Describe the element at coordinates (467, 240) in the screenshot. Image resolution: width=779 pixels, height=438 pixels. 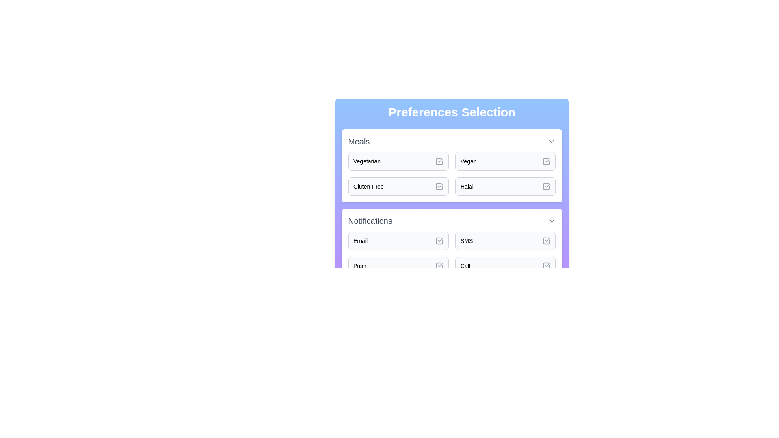
I see `the 'SMS' text label located in the Notifications section of the preferences form, which is a small text label with standard sans-serif font style` at that location.